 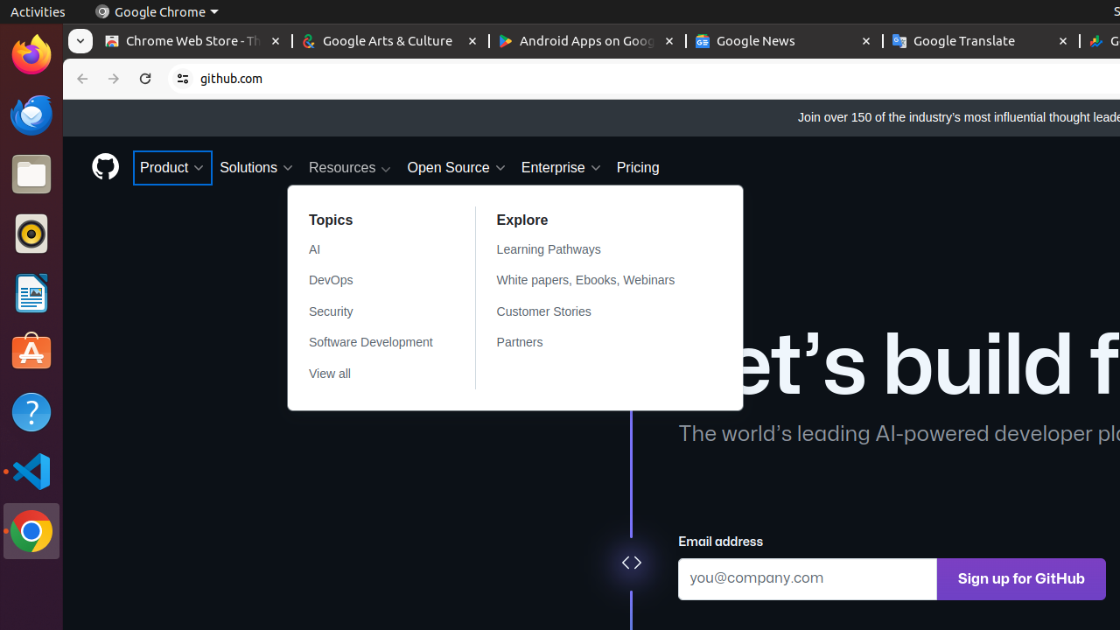 I want to click on 'View all', so click(x=369, y=373).